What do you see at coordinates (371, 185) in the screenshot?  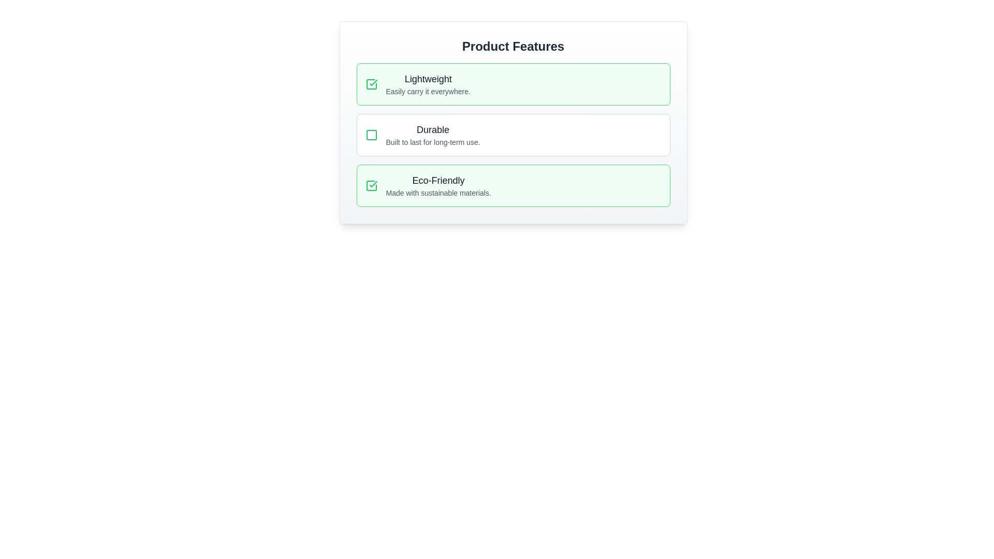 I see `the green-bordered checkbox icon with a checkmark, indicating a completed task, located at the start of the 'Eco-Friendly' feature section in the third feature card under 'Product Features'` at bounding box center [371, 185].